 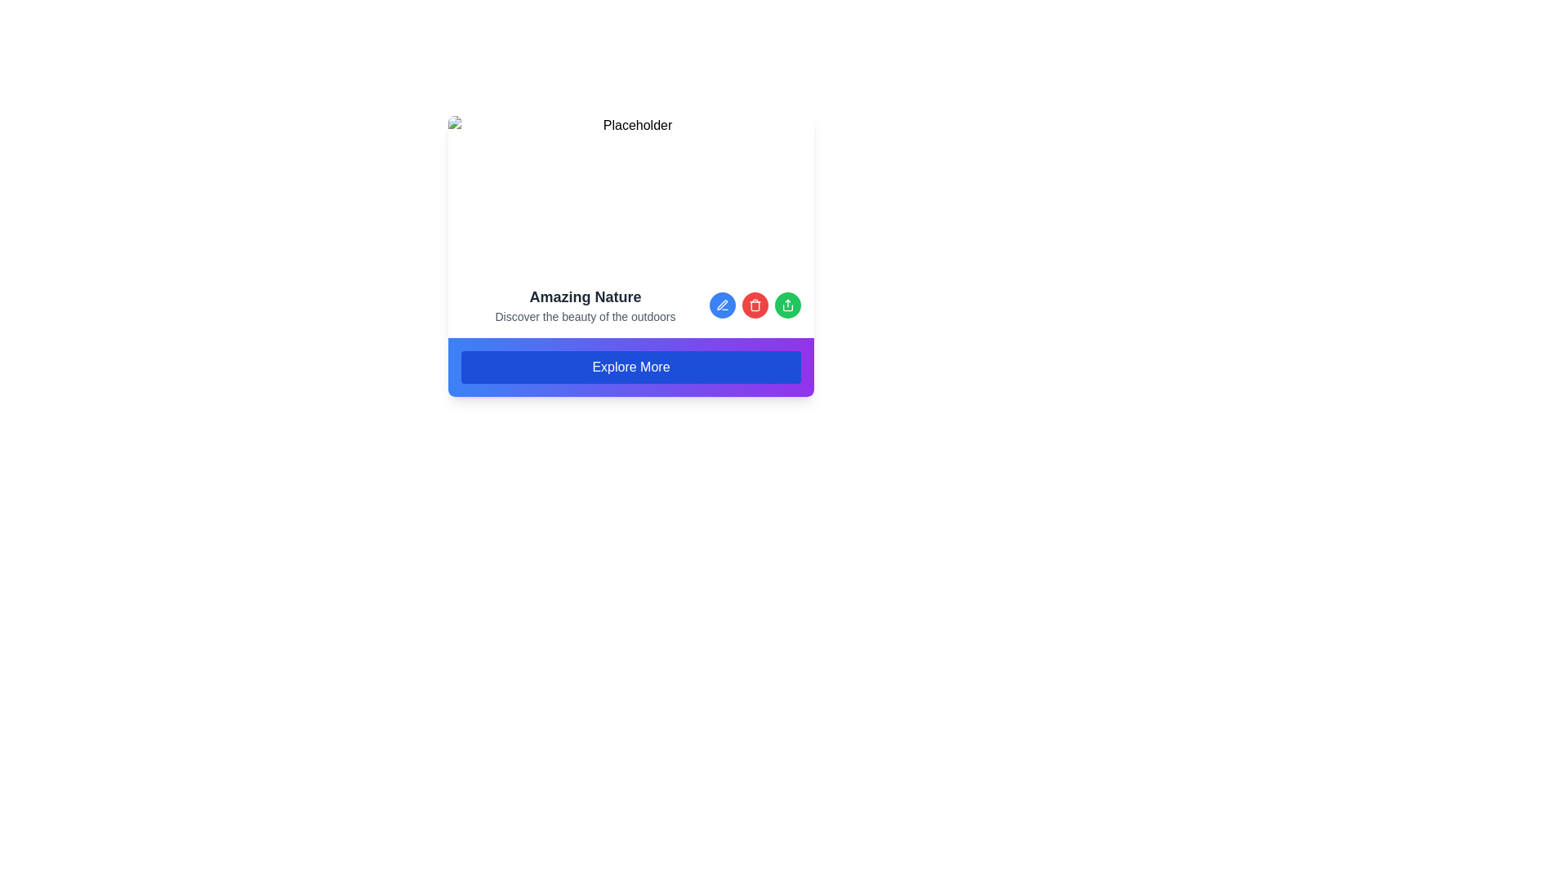 I want to click on the Text Label that serves as a title or headline for the content section related to nature, positioned above the 'Explore More' button, so click(x=585, y=296).